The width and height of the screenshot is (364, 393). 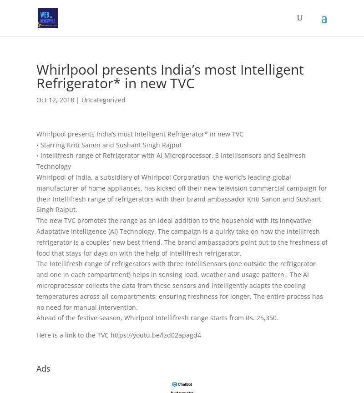 What do you see at coordinates (118, 335) in the screenshot?
I see `'Here is a link to the TVC https://youtu.be/lzd02apagd4'` at bounding box center [118, 335].